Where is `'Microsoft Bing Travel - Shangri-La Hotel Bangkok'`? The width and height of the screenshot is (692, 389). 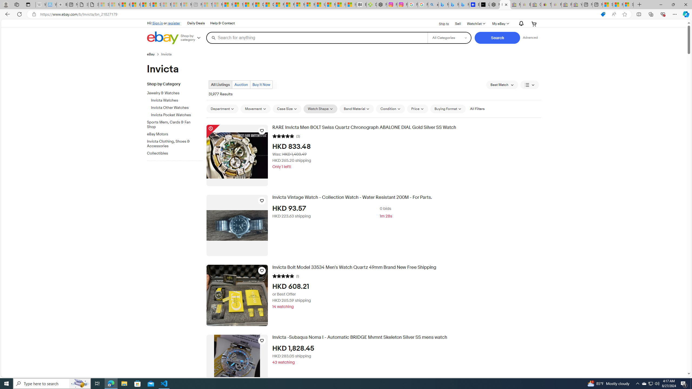
'Microsoft Bing Travel - Shangri-La Hotel Bangkok' is located at coordinates (464, 4).